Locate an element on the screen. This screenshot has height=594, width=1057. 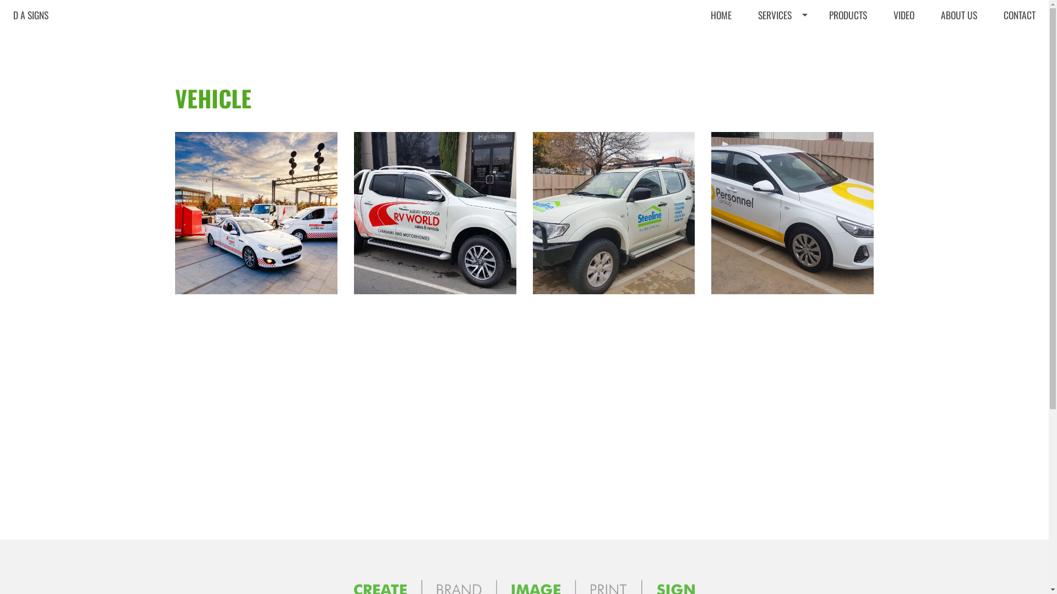
'VIDEO' is located at coordinates (903, 15).